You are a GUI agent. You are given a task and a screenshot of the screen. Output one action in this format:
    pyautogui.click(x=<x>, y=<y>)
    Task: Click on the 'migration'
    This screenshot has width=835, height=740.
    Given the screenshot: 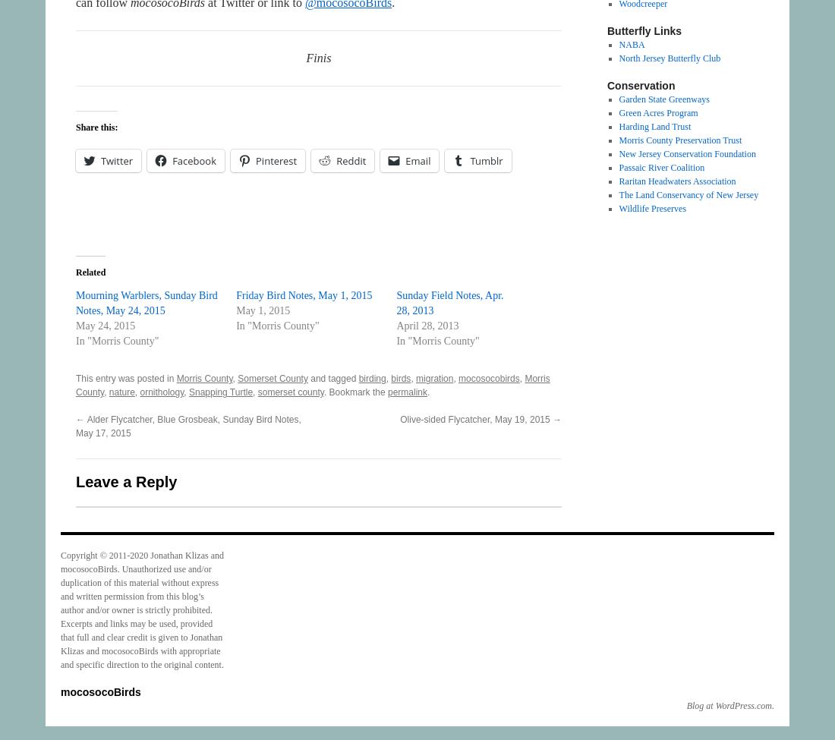 What is the action you would take?
    pyautogui.click(x=433, y=378)
    